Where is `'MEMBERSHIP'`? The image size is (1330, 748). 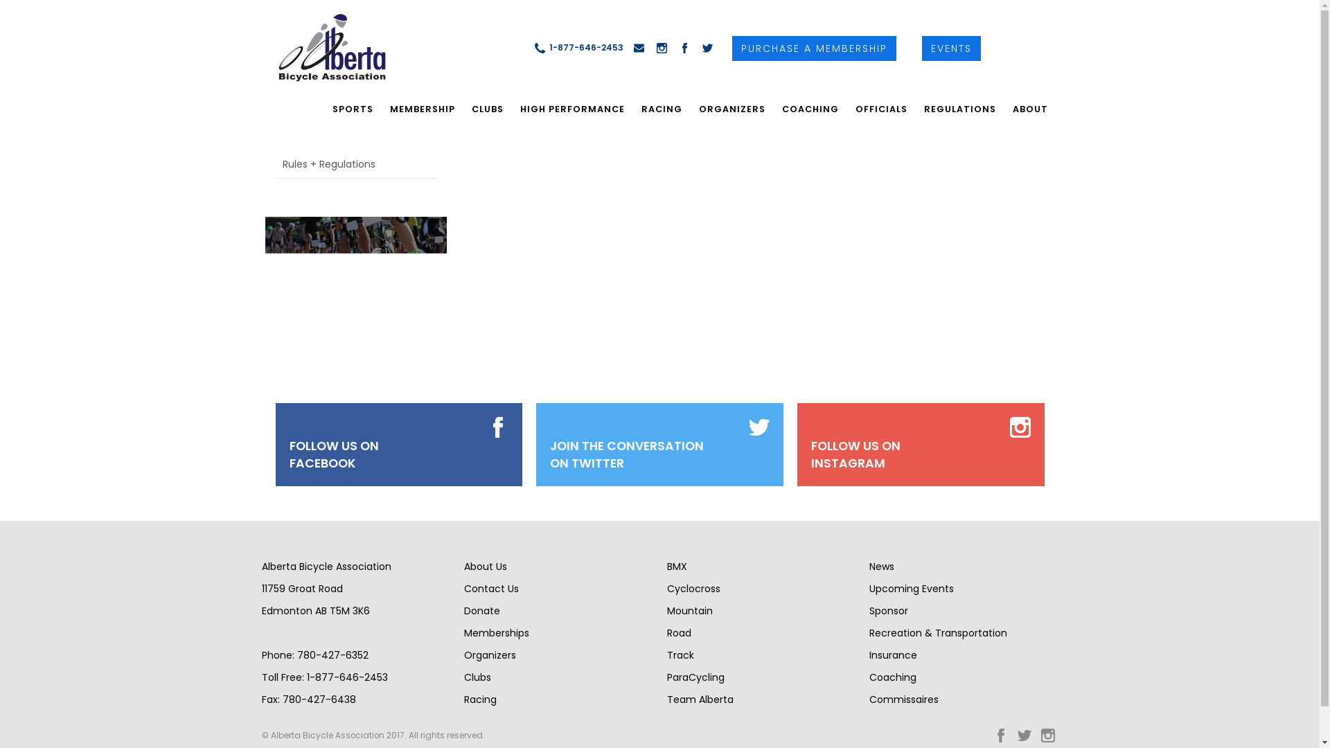 'MEMBERSHIP' is located at coordinates (421, 109).